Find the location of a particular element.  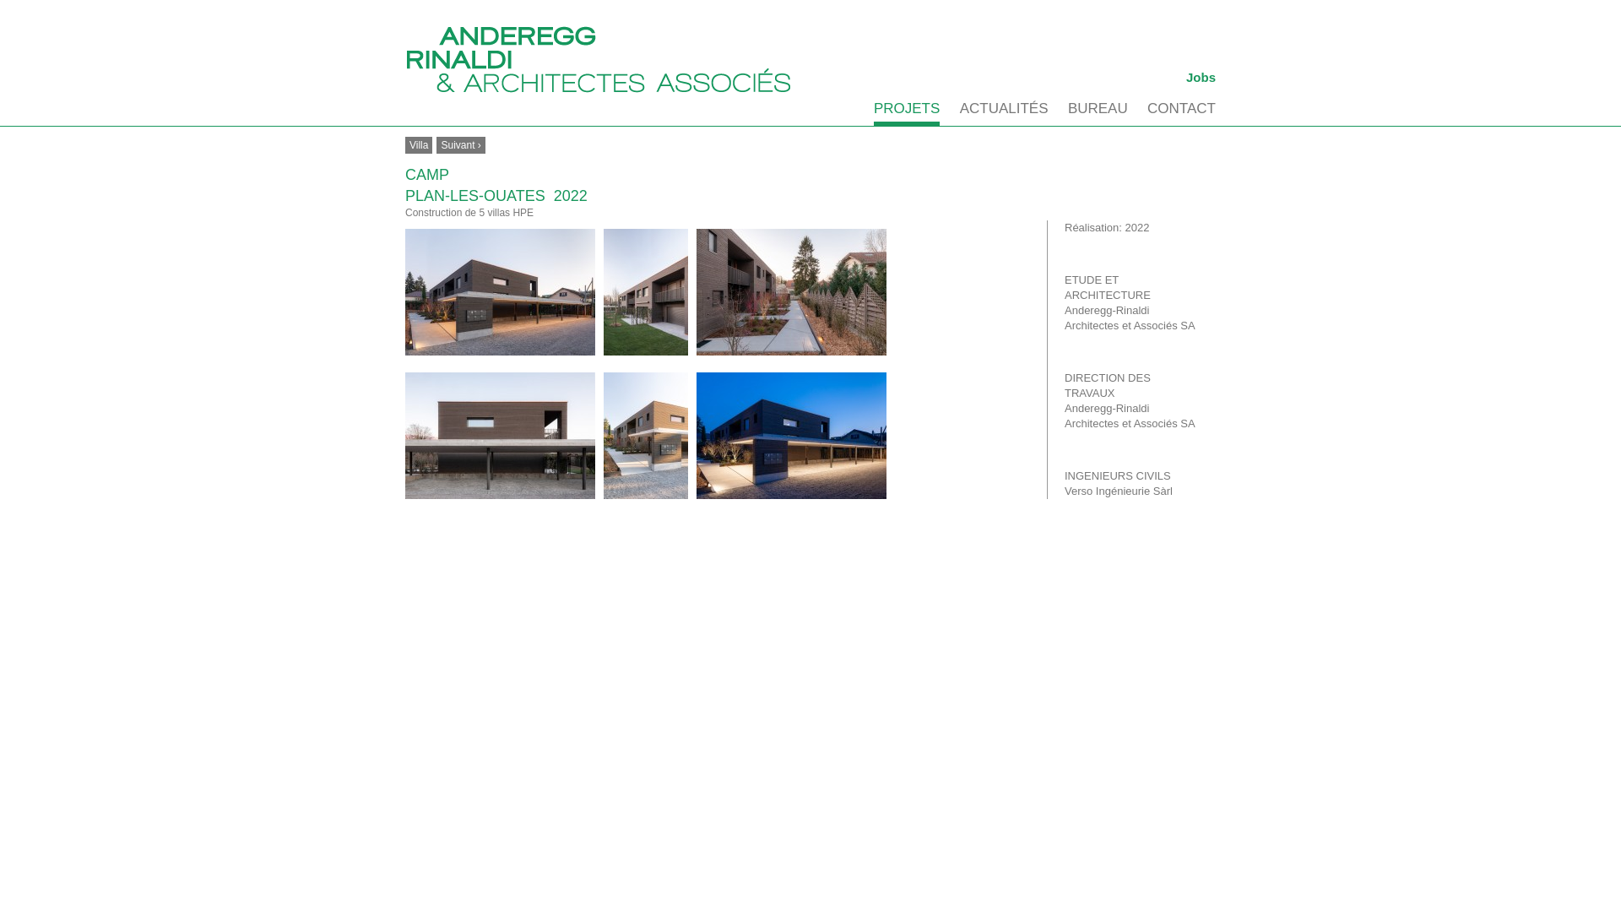

'Accueil' is located at coordinates (599, 58).